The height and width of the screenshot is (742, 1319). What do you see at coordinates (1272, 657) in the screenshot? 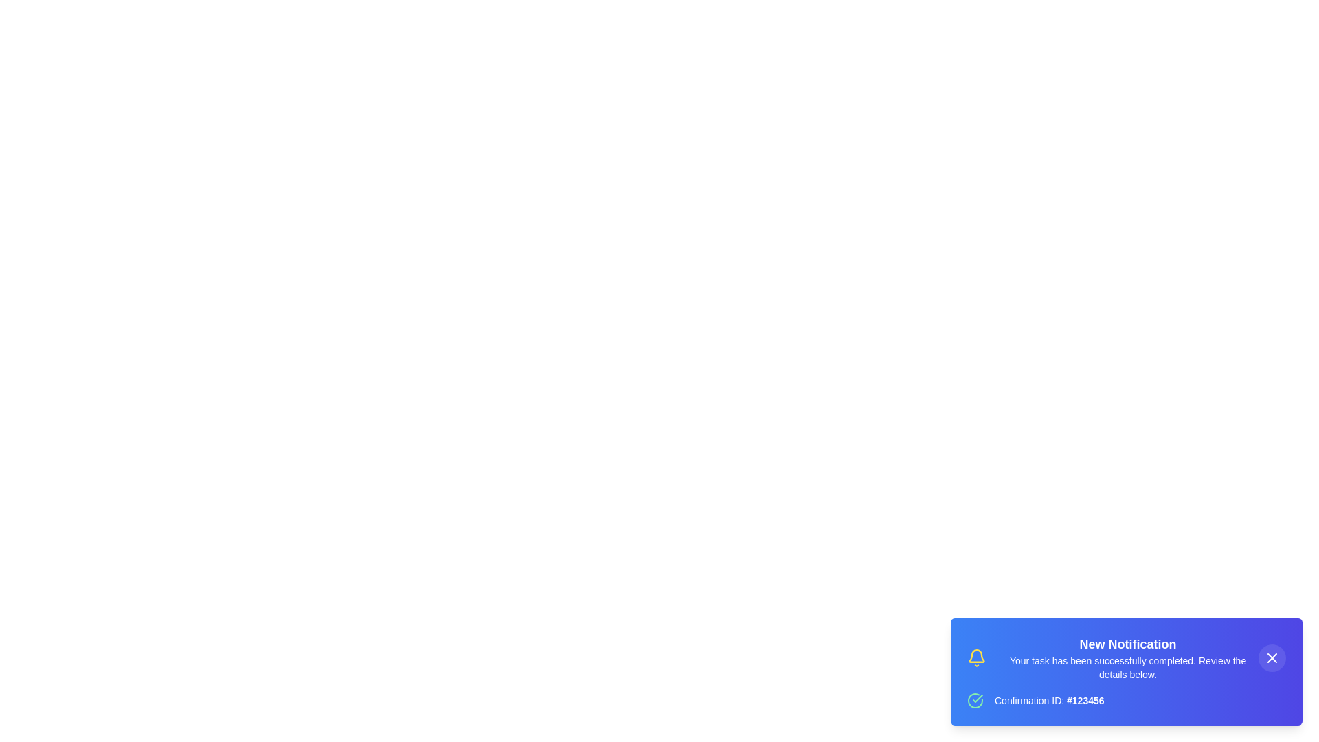
I see `the circular button with a cross ('X') symbol, located in the top-right corner of the notification card` at bounding box center [1272, 657].